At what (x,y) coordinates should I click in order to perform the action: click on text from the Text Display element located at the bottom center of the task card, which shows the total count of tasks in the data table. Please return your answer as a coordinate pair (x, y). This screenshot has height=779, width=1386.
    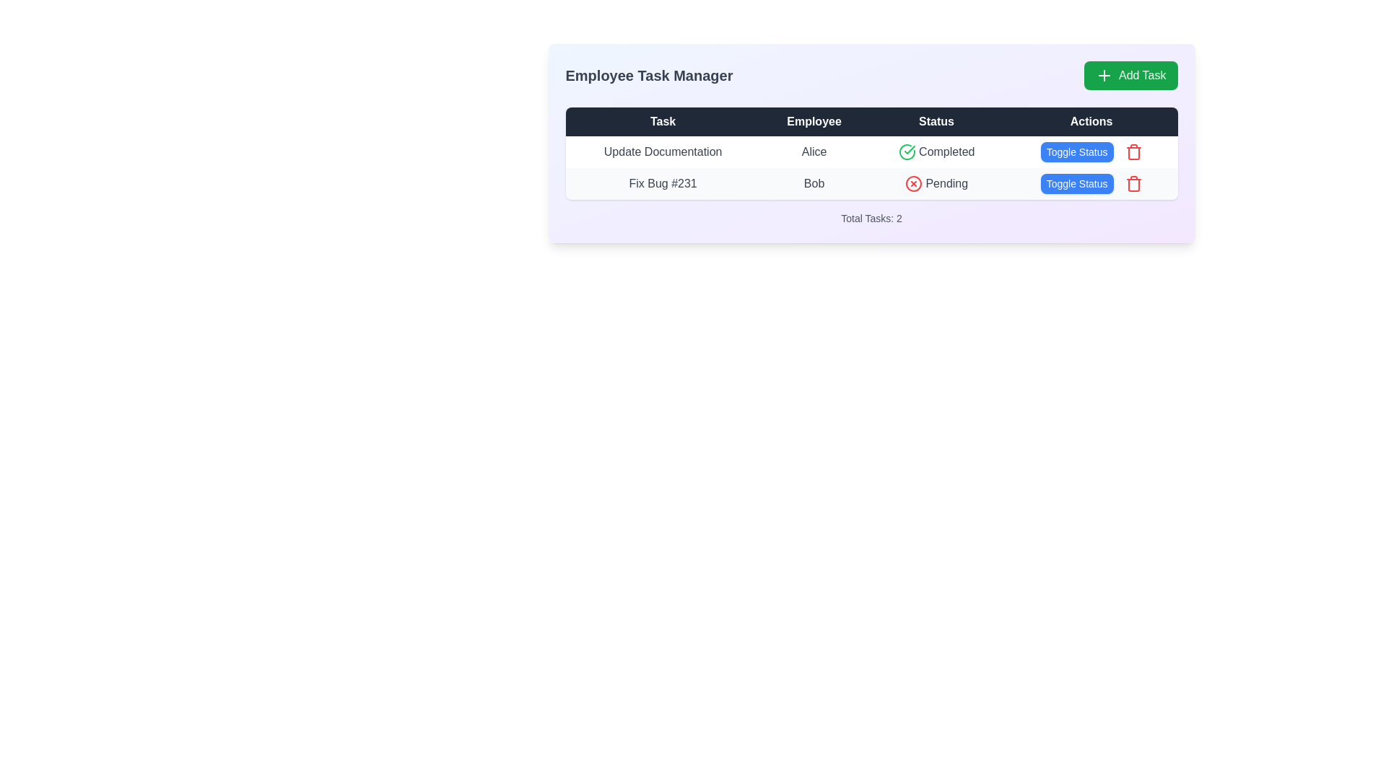
    Looking at the image, I should click on (871, 219).